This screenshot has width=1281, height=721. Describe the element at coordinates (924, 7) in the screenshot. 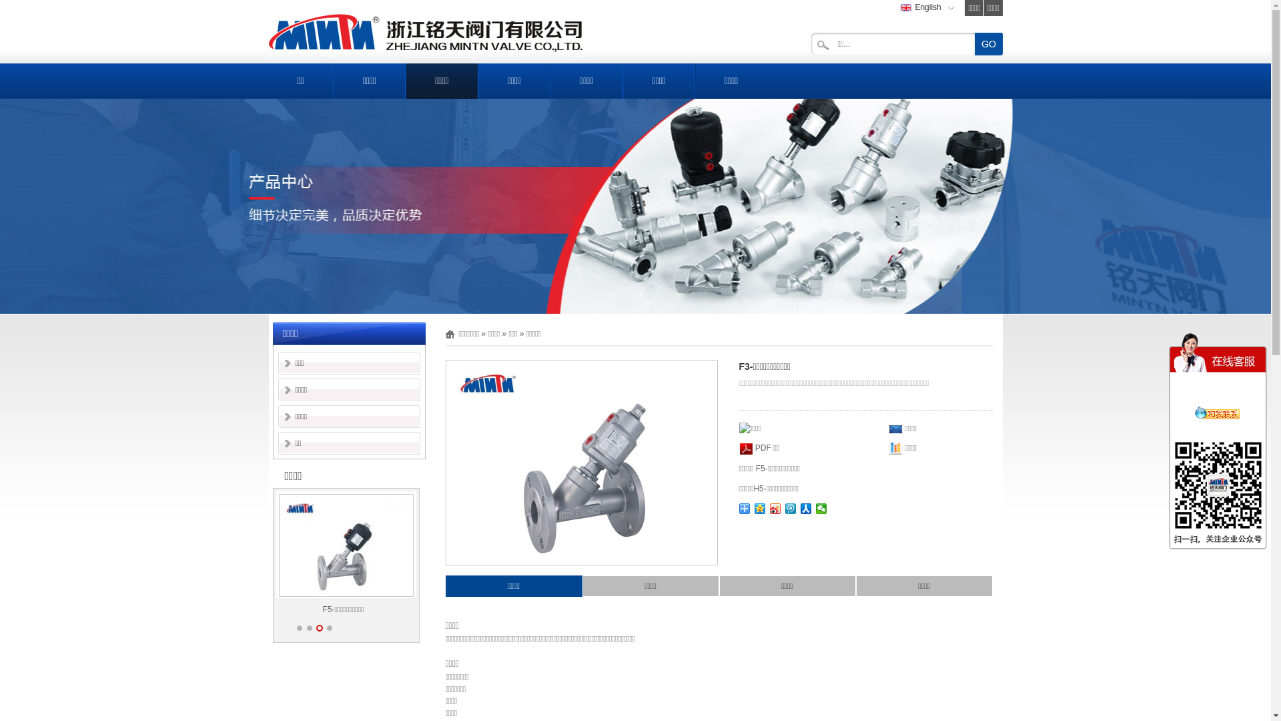

I see `'English'` at that location.